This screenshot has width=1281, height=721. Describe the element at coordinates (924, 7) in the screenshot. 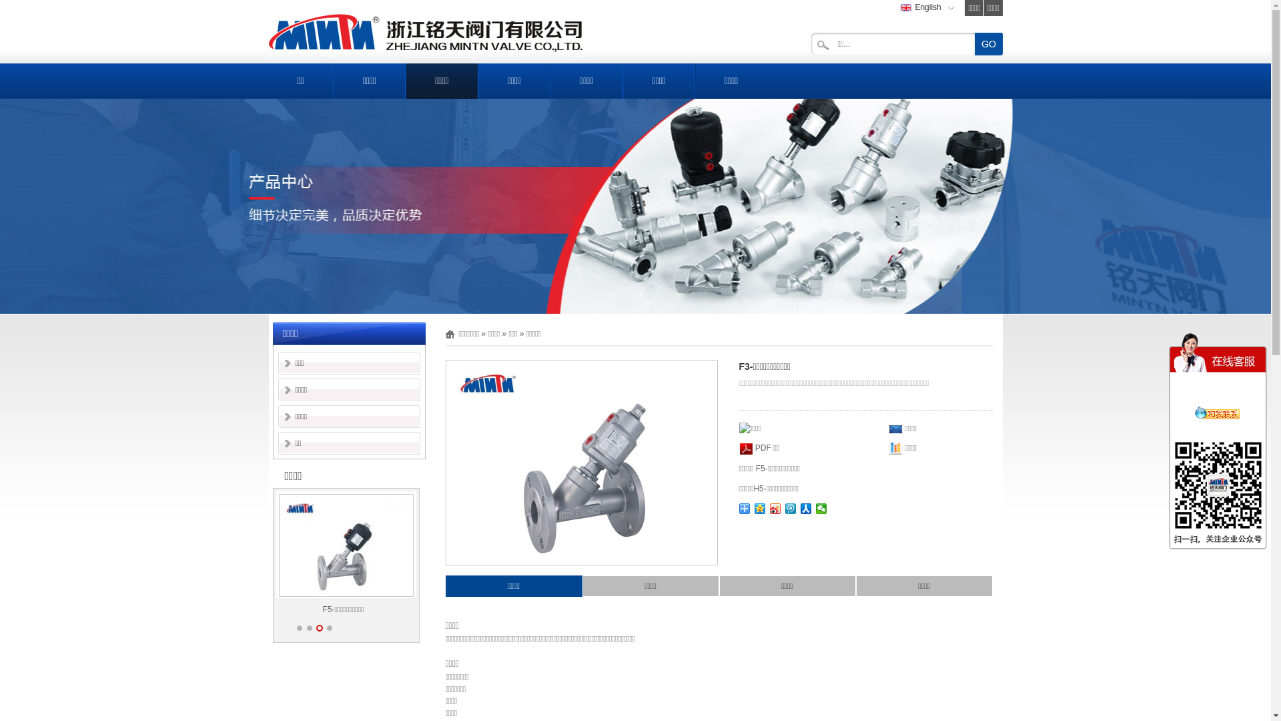

I see `'English'` at that location.